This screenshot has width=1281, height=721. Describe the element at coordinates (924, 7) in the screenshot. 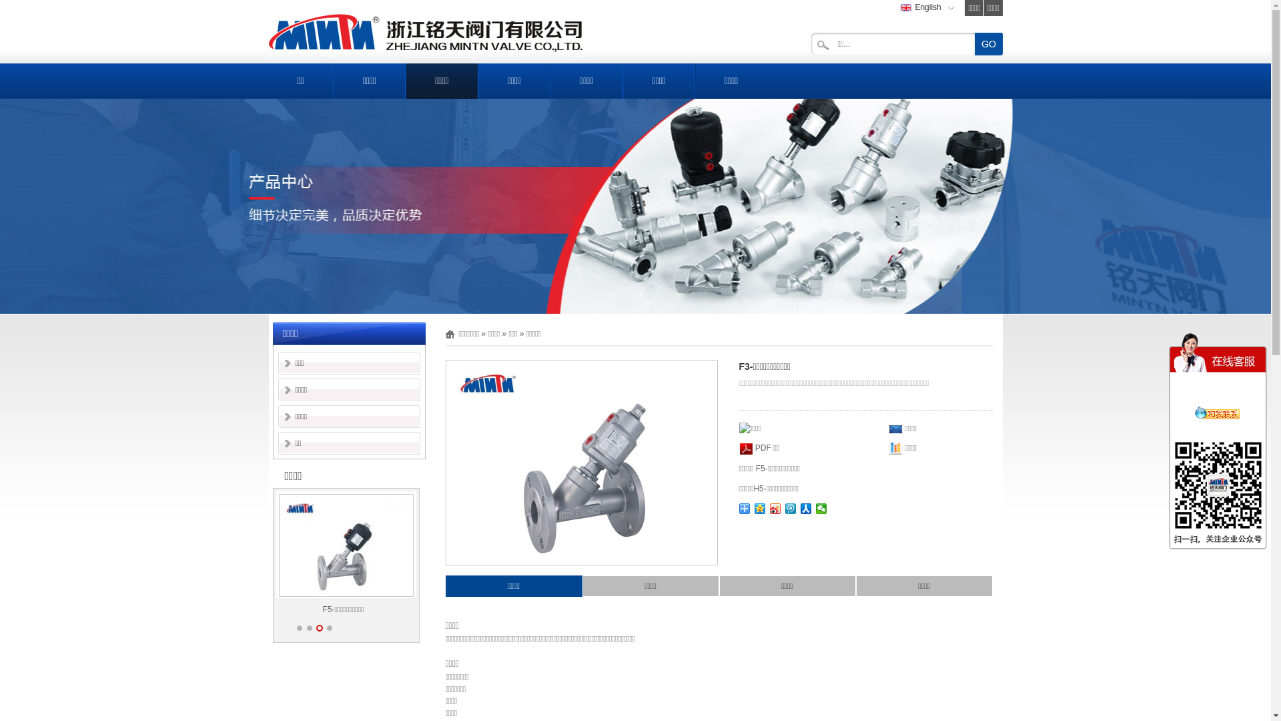

I see `'English'` at that location.